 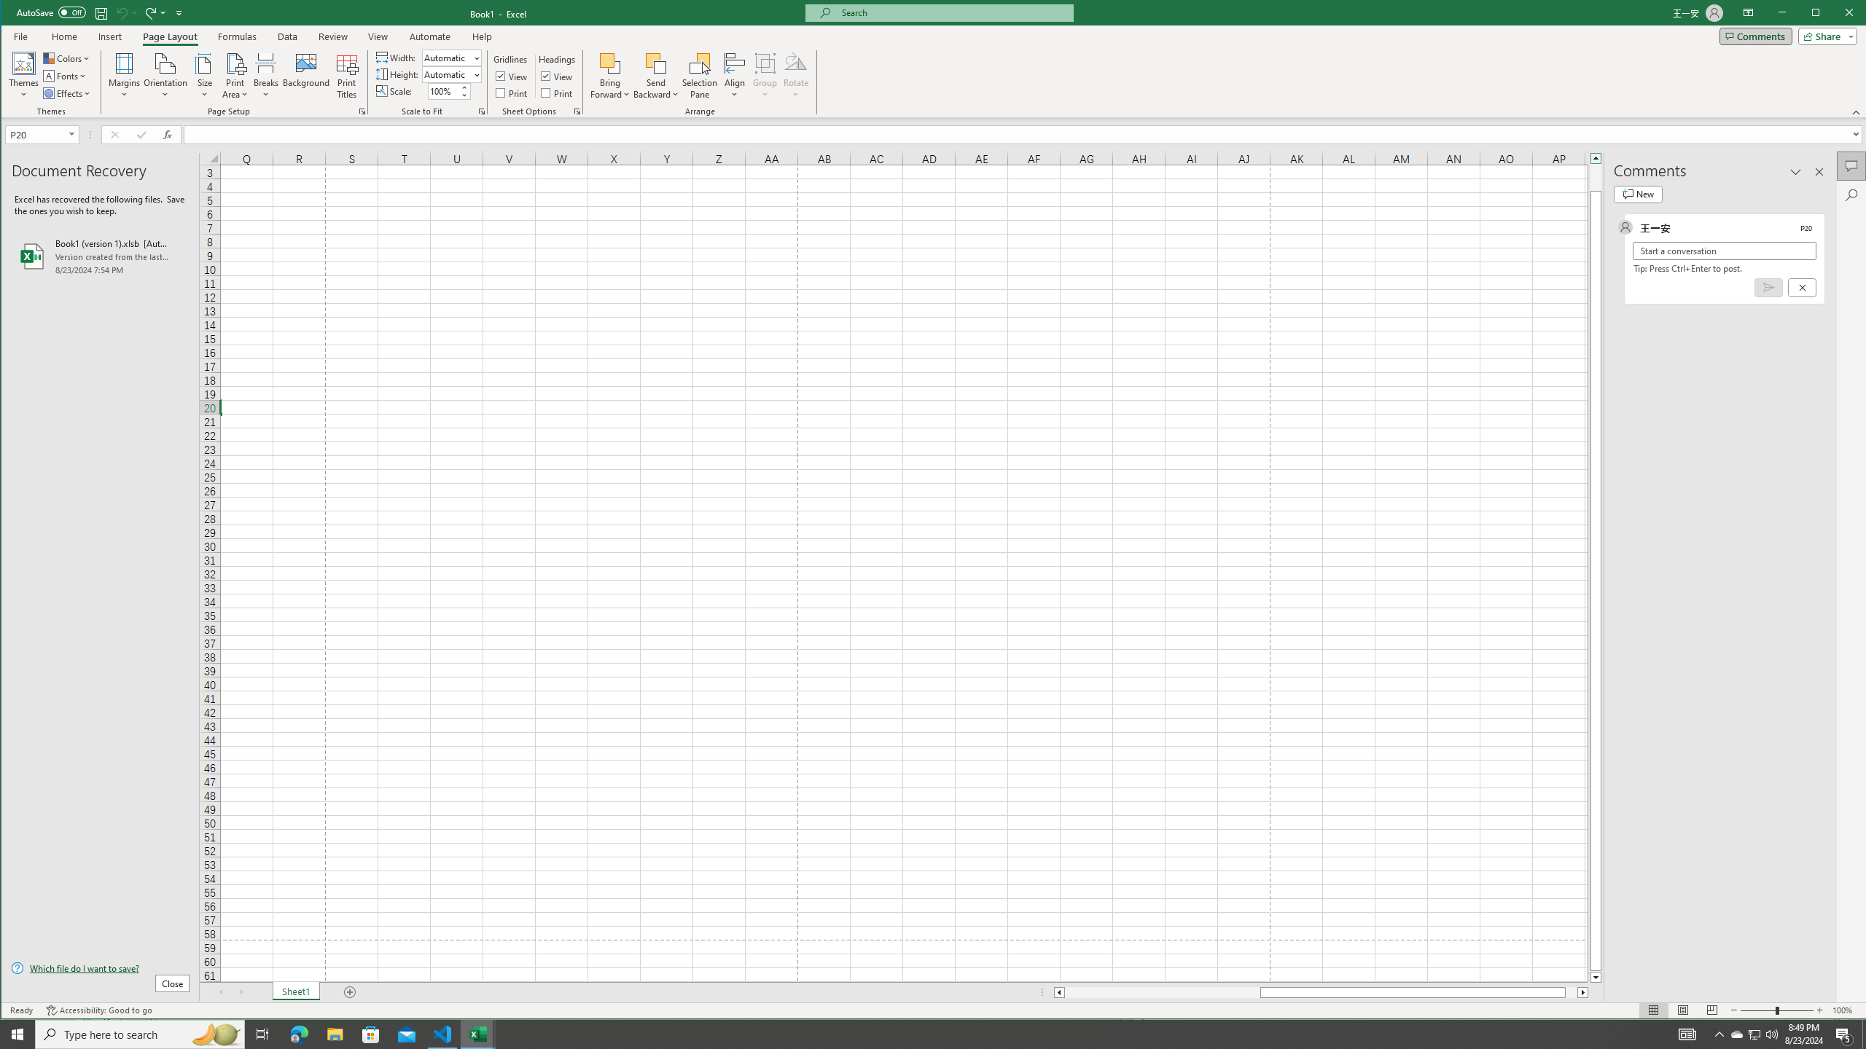 What do you see at coordinates (1819, 171) in the screenshot?
I see `'Close pane'` at bounding box center [1819, 171].